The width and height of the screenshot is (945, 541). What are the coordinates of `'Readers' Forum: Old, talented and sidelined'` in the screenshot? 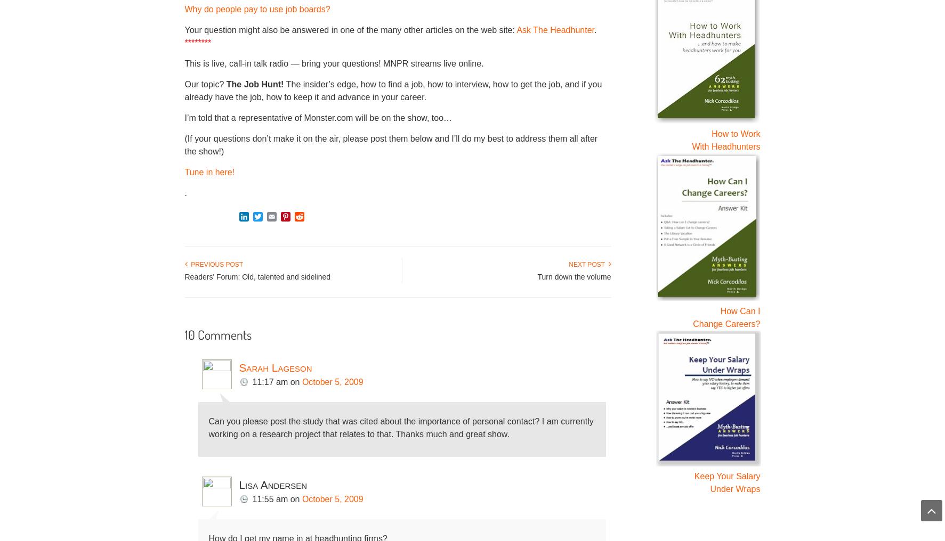 It's located at (256, 275).